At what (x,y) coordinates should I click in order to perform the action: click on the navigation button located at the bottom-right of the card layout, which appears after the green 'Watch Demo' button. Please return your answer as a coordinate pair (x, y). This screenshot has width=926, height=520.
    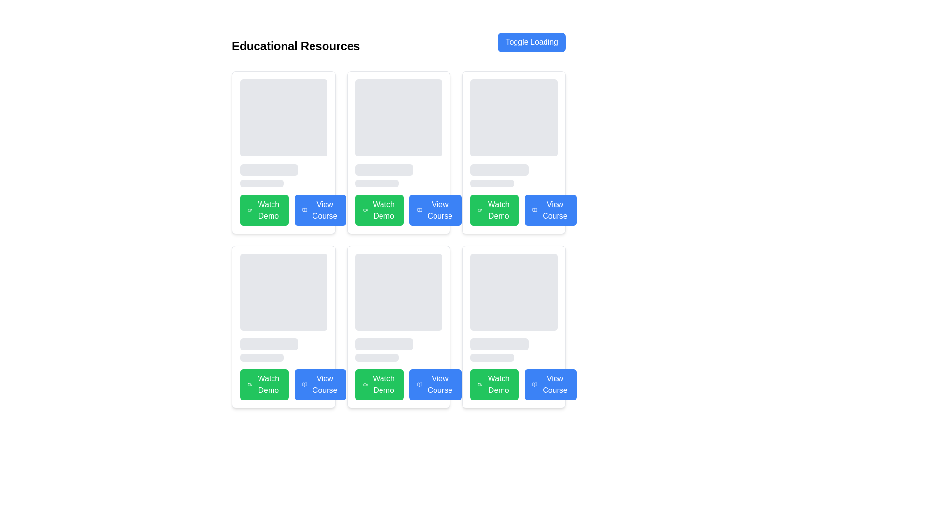
    Looking at the image, I should click on (435, 384).